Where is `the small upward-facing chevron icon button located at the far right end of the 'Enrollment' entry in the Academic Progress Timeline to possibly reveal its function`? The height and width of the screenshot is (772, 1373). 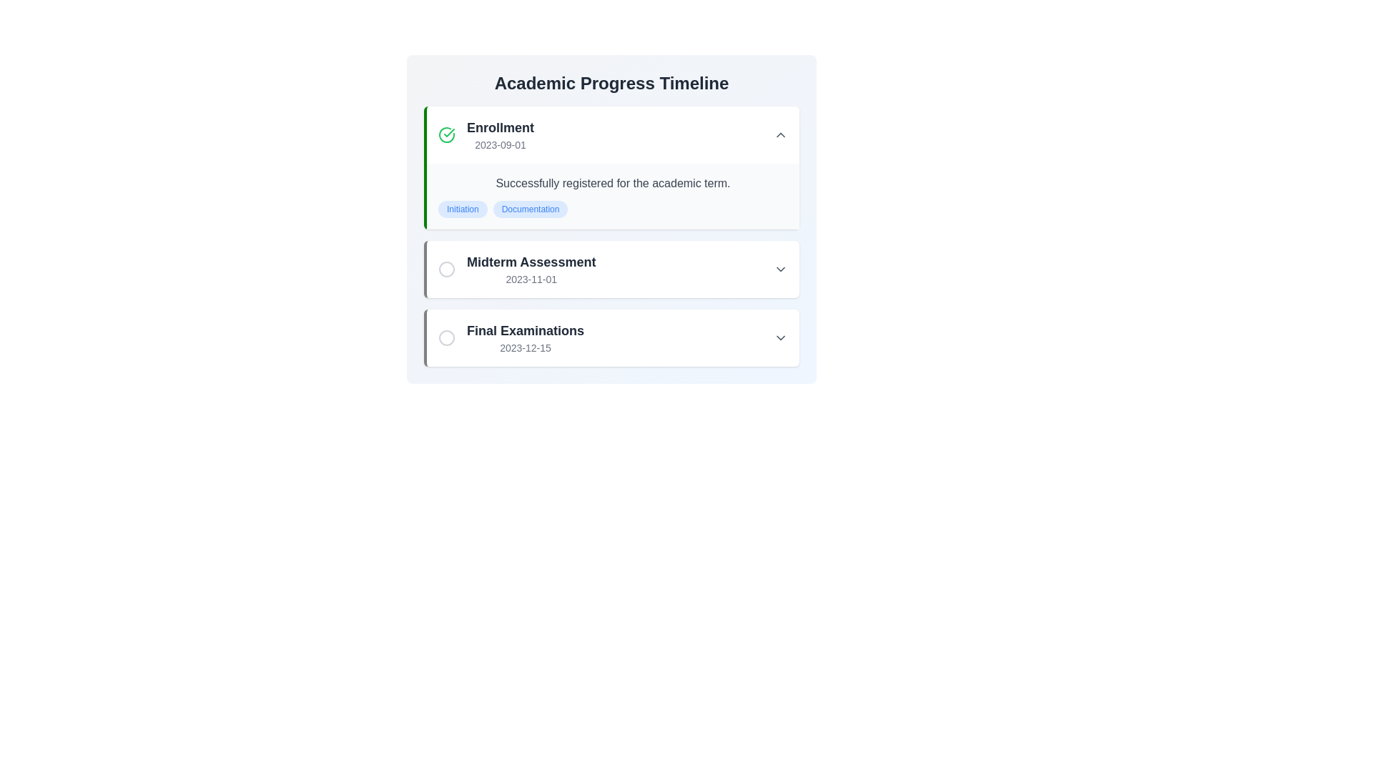
the small upward-facing chevron icon button located at the far right end of the 'Enrollment' entry in the Academic Progress Timeline to possibly reveal its function is located at coordinates (779, 135).